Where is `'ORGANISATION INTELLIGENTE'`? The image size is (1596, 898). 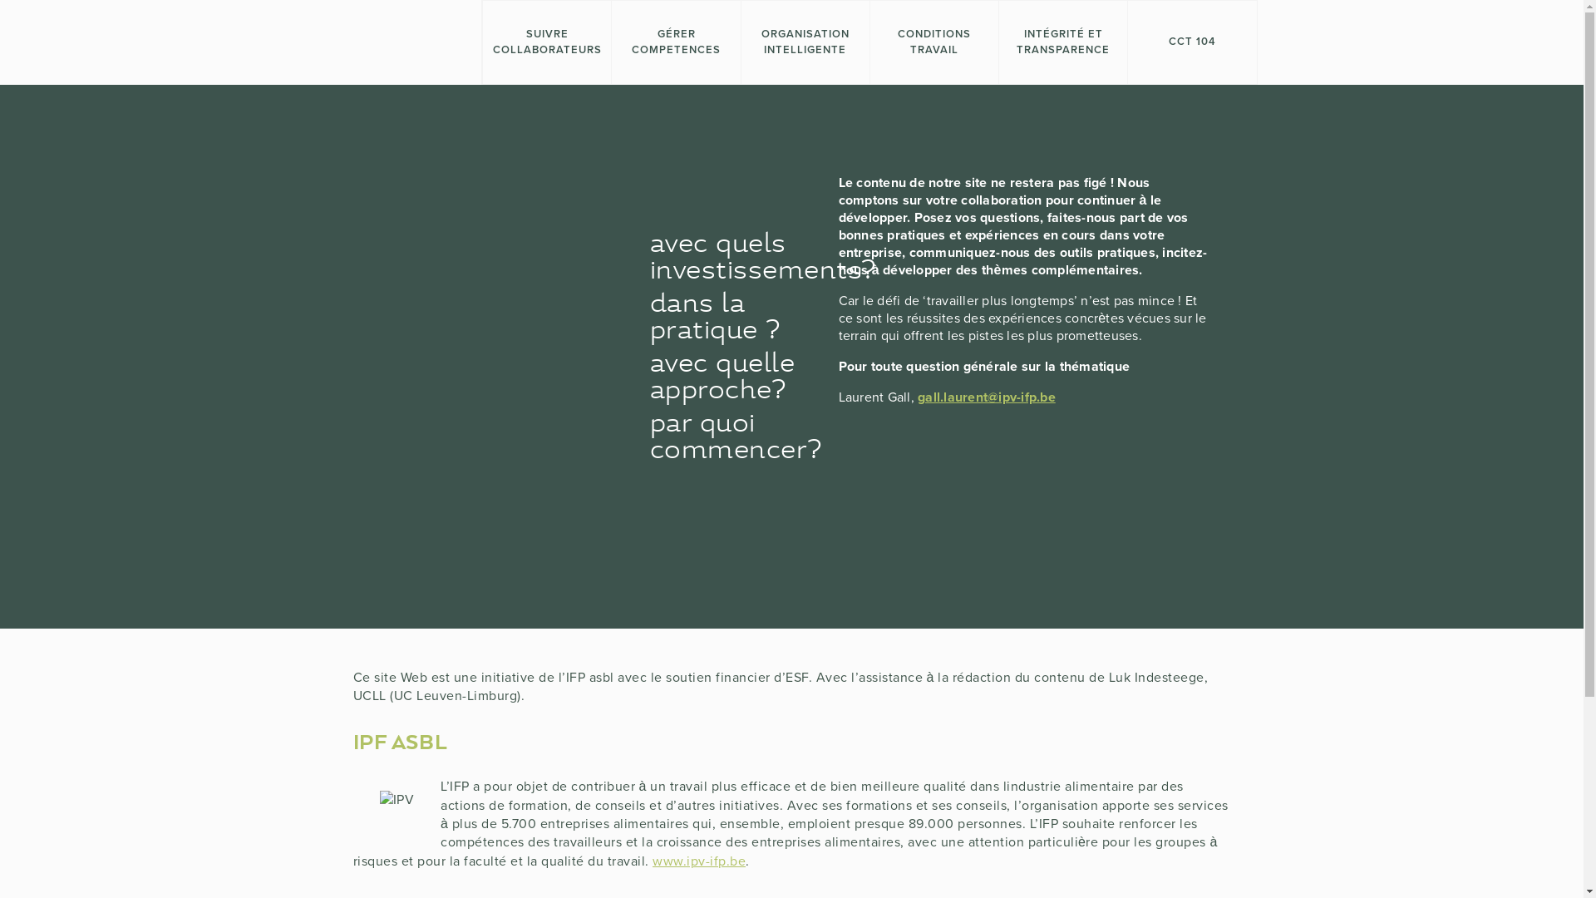
'ORGANISATION INTELLIGENTE' is located at coordinates (805, 41).